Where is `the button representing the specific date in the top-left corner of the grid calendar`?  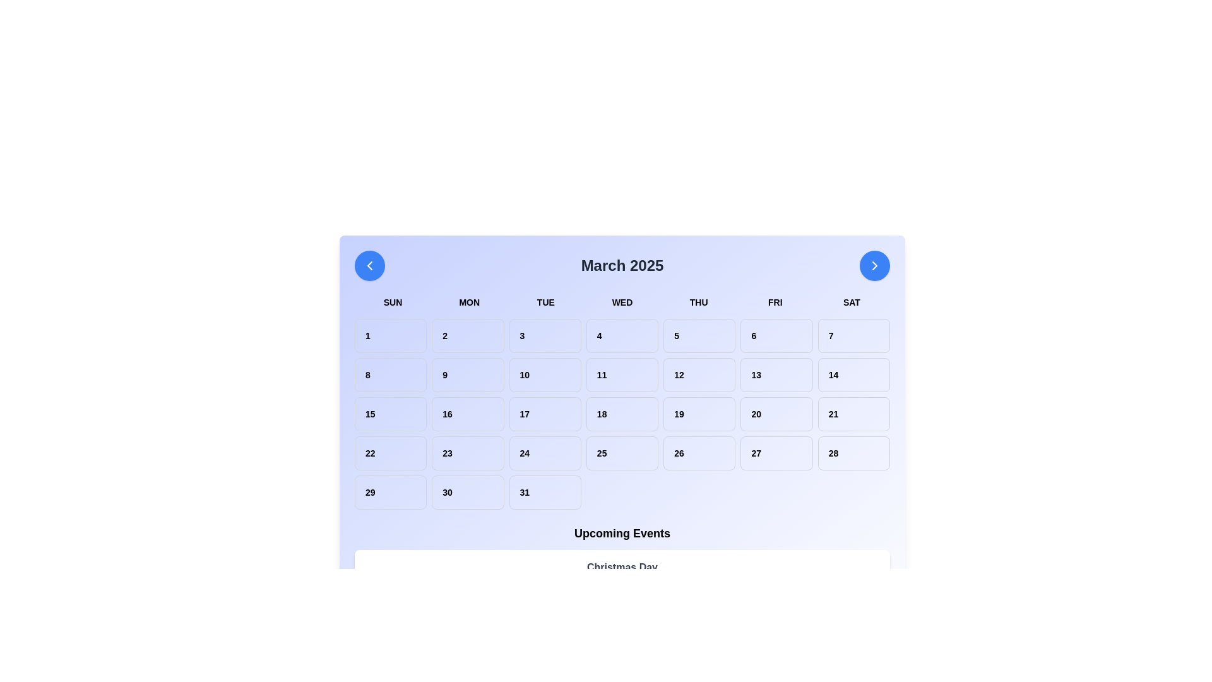 the button representing the specific date in the top-left corner of the grid calendar is located at coordinates (390, 335).